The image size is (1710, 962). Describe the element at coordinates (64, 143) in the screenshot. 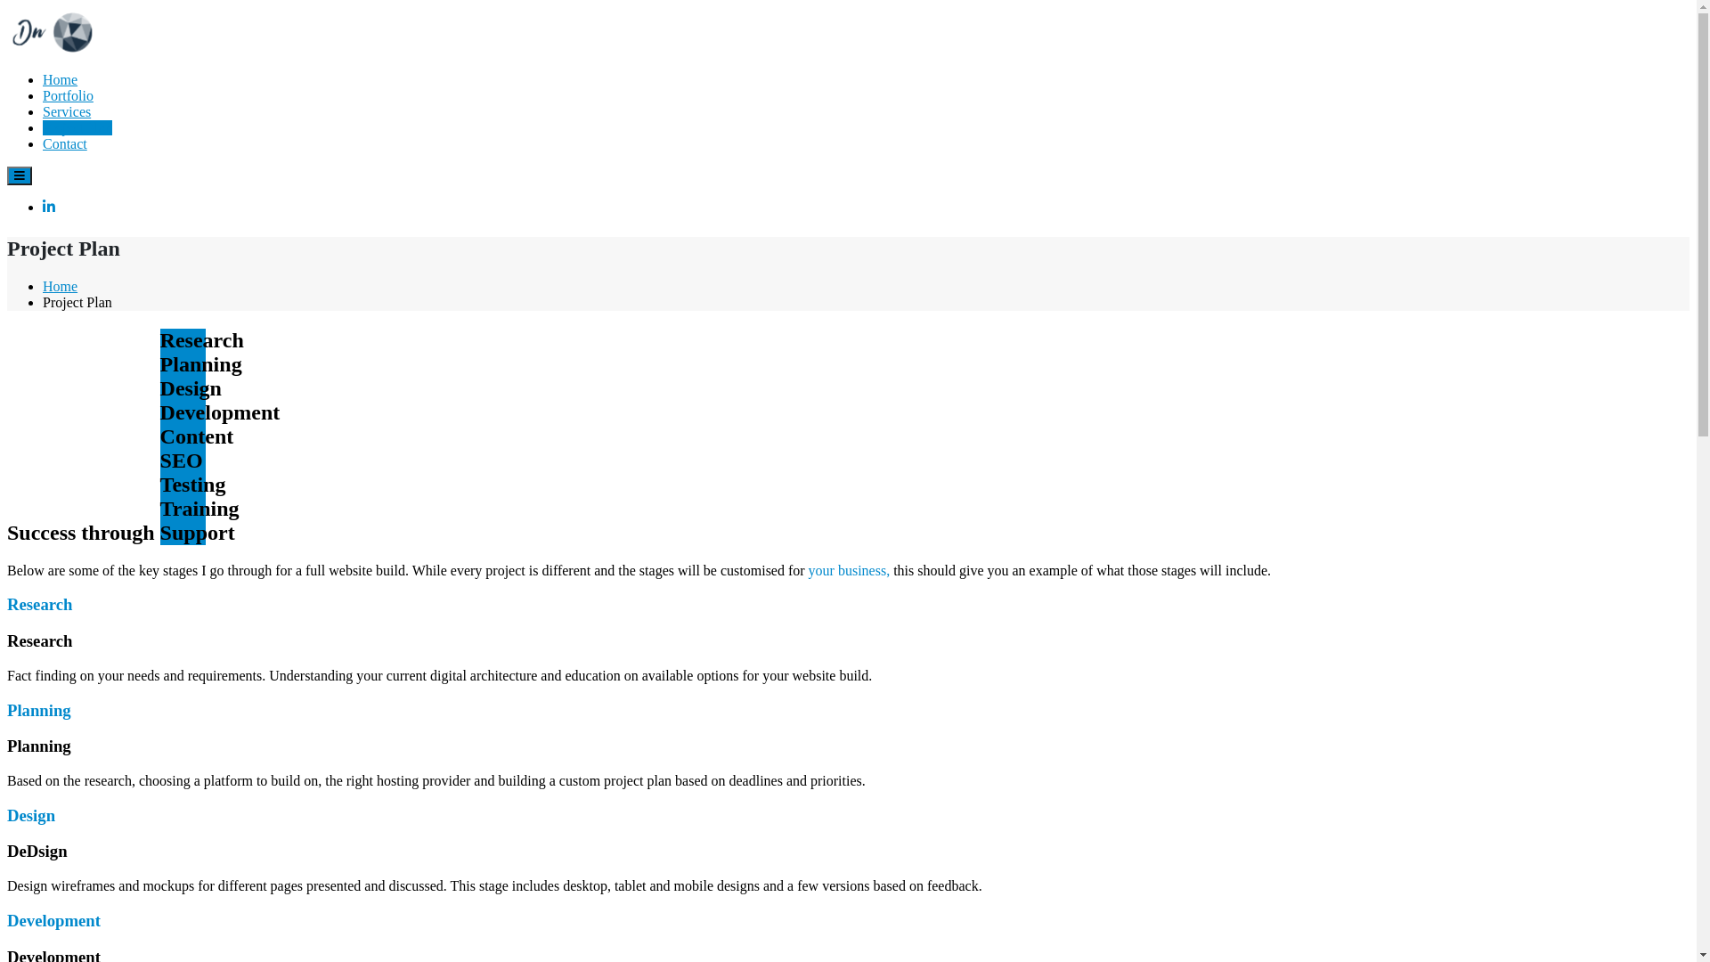

I see `'Contact'` at that location.